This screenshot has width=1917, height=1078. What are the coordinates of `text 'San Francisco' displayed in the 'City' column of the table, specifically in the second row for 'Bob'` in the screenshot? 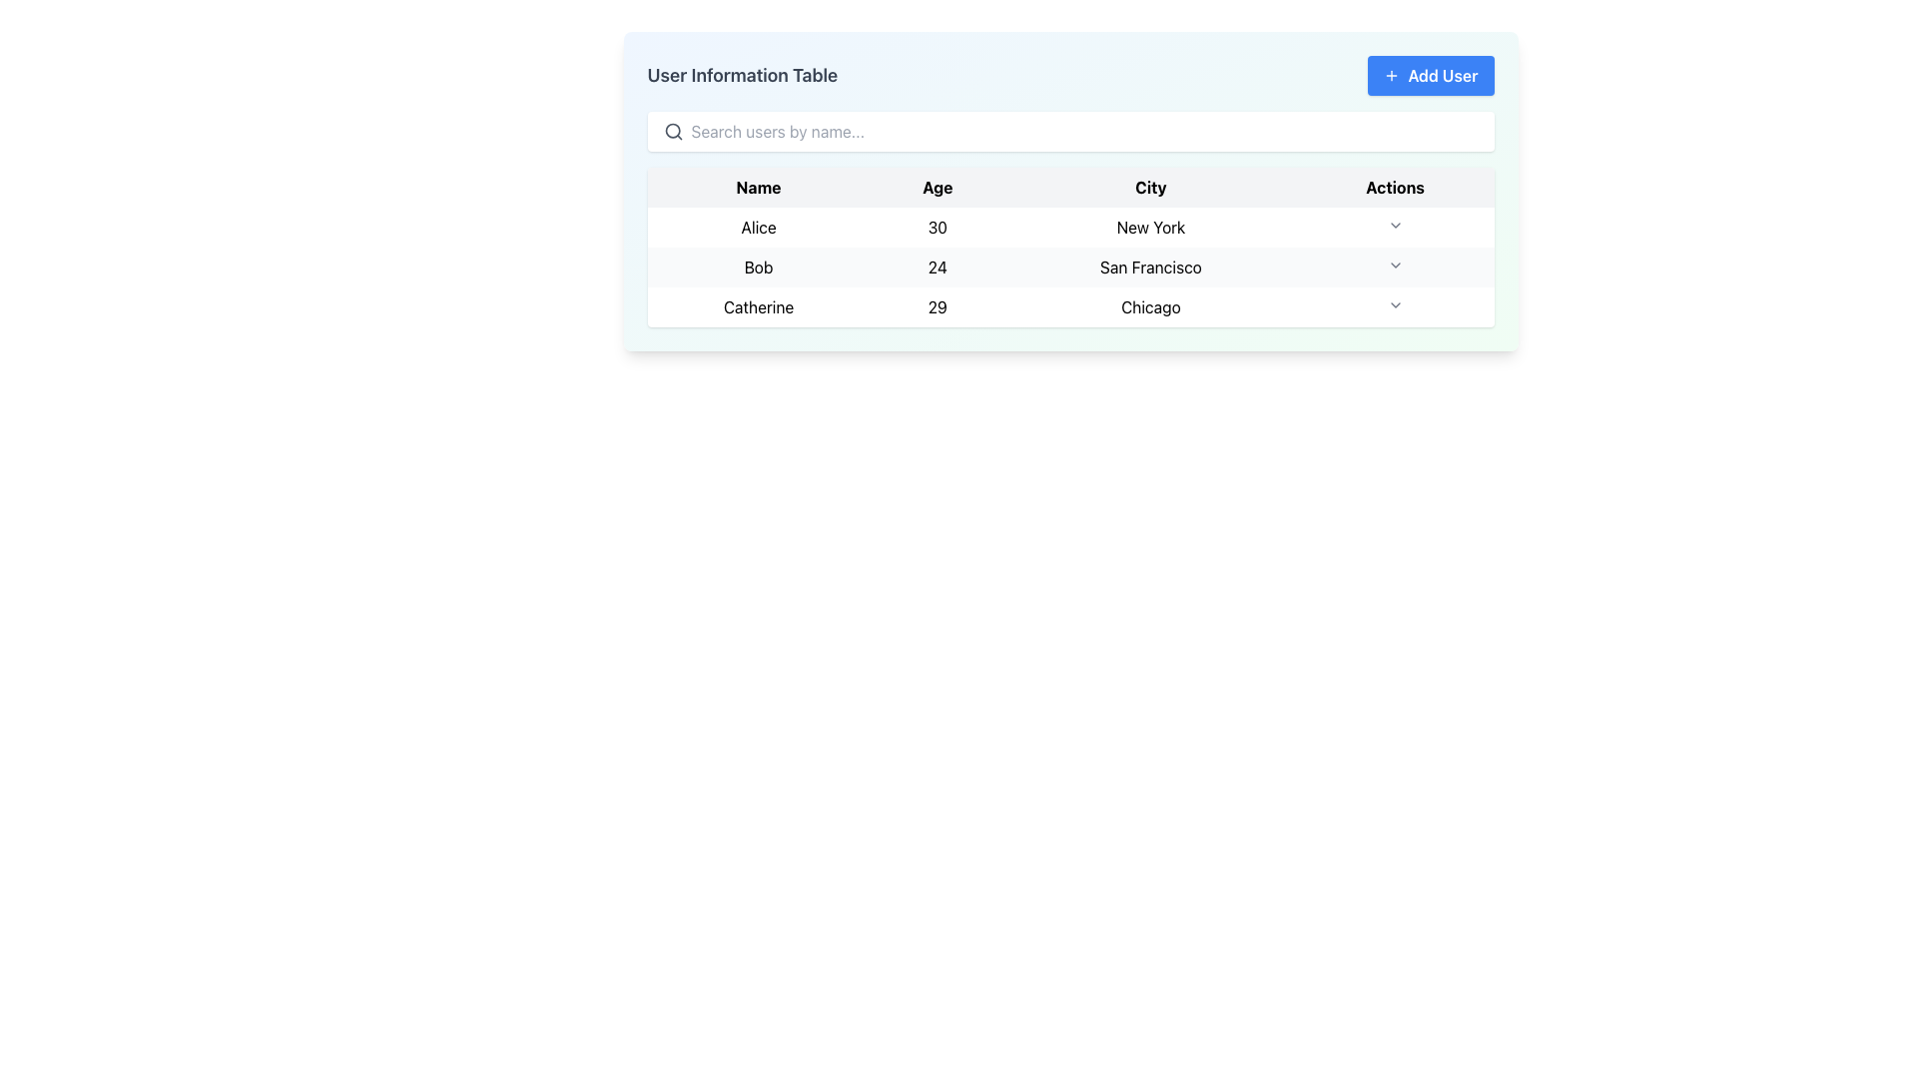 It's located at (1150, 266).